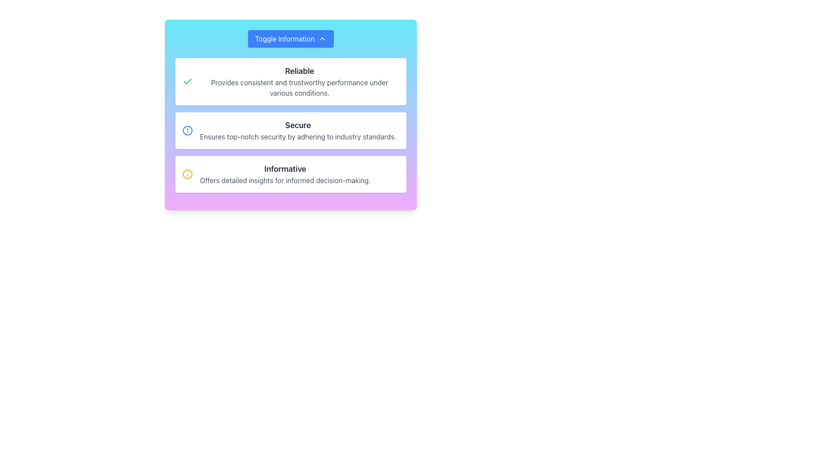 Image resolution: width=840 pixels, height=472 pixels. What do you see at coordinates (187, 131) in the screenshot?
I see `the icon representing the theme of the text 'Secure Ensures top-notch security by adhering to industry standards.' located in the second section of a vertically stacked list` at bounding box center [187, 131].